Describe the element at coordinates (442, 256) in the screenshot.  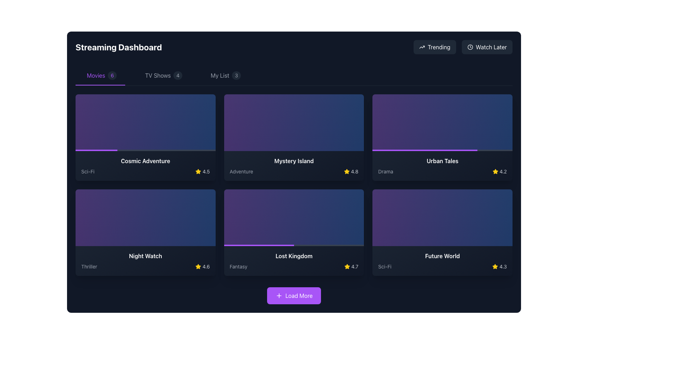
I see `the text label displaying the movie name 'Future World' located in the lower right card of the grid layout, specifically the fourth card in the row and sixth overall, positioned above the 'Load More' button` at that location.